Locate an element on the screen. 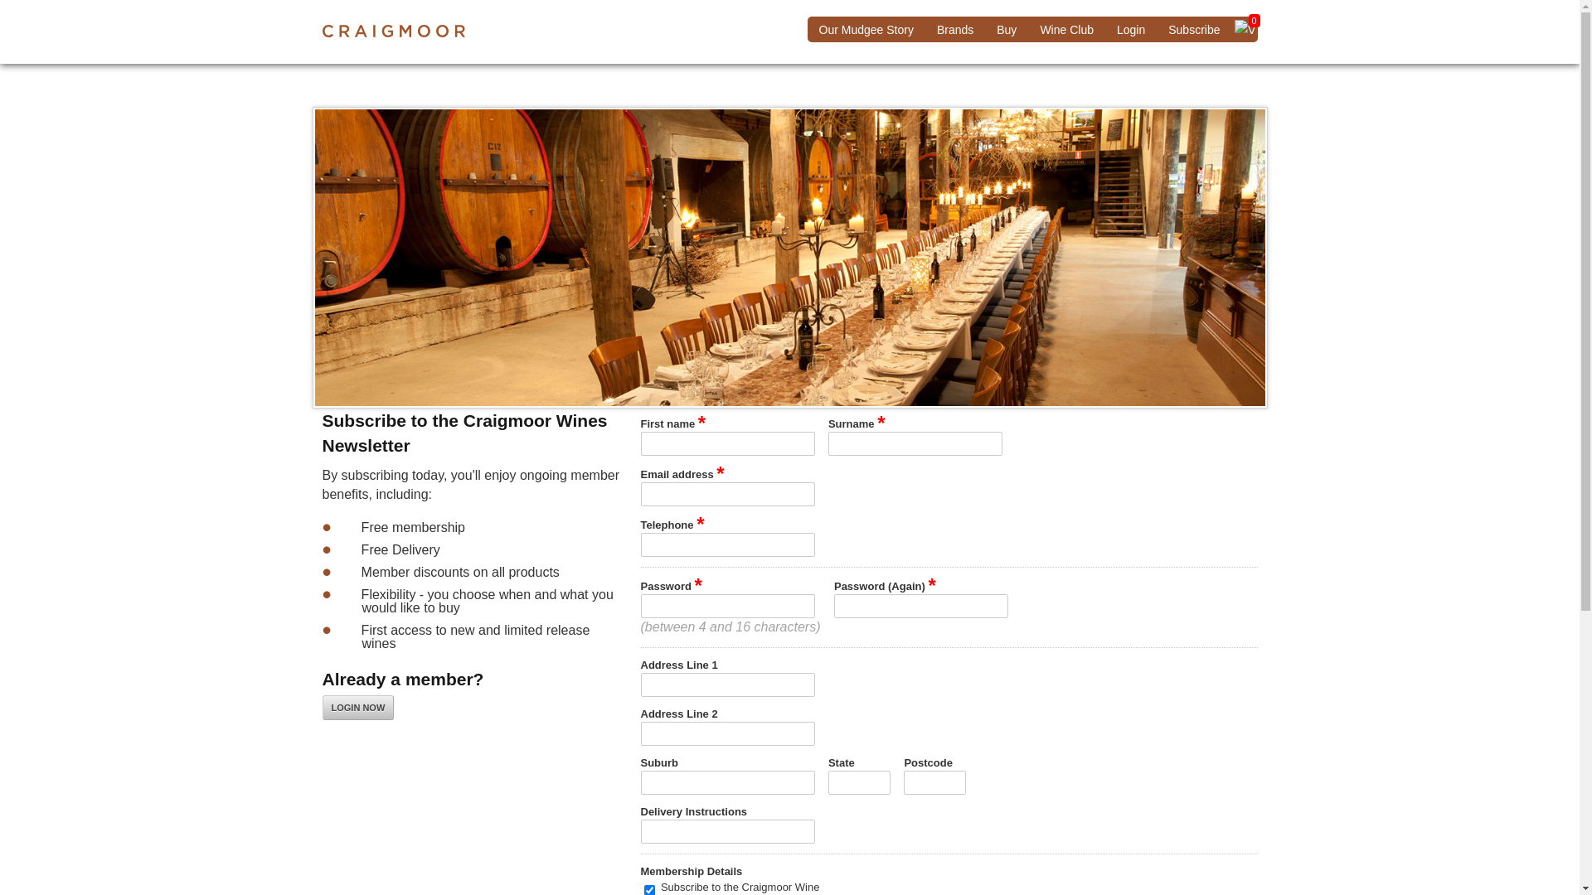 The height and width of the screenshot is (895, 1592). 'Subscribe' is located at coordinates (1194, 29).